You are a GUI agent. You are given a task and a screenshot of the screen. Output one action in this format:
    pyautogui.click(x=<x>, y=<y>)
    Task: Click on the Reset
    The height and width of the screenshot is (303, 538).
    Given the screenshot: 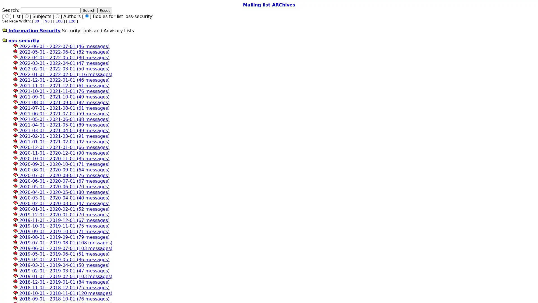 What is the action you would take?
    pyautogui.click(x=105, y=10)
    